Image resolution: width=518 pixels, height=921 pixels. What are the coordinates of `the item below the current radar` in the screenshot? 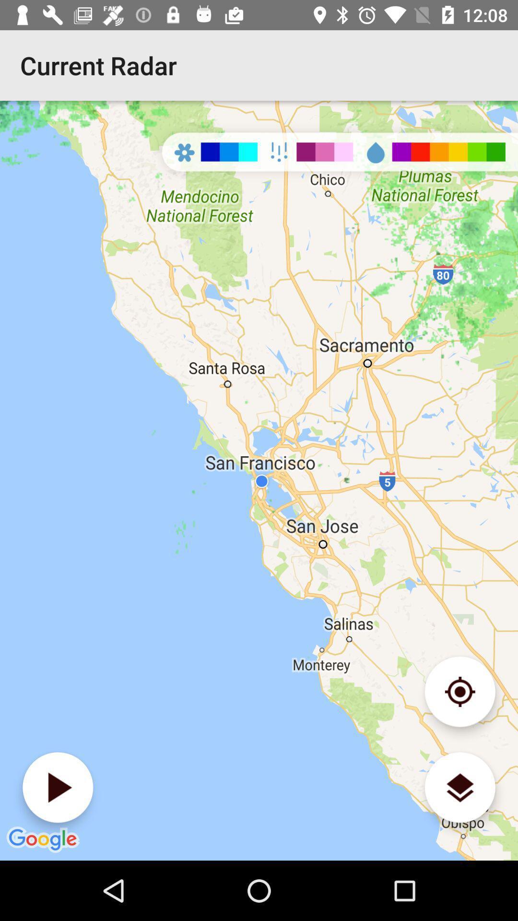 It's located at (58, 787).